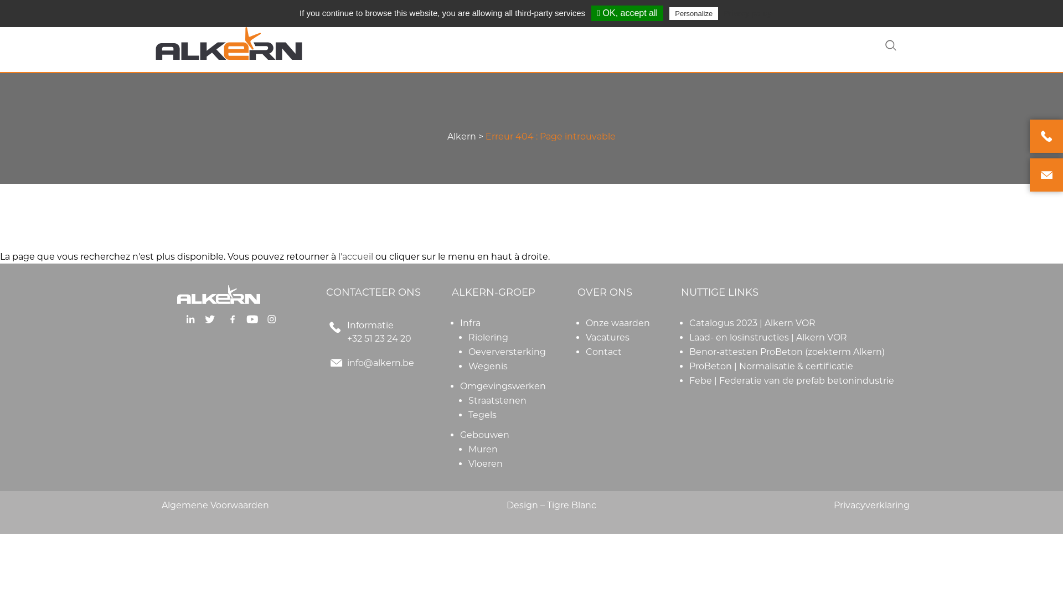 The image size is (1063, 598). Describe the element at coordinates (215, 505) in the screenshot. I see `'Algemene Voorwaarden'` at that location.